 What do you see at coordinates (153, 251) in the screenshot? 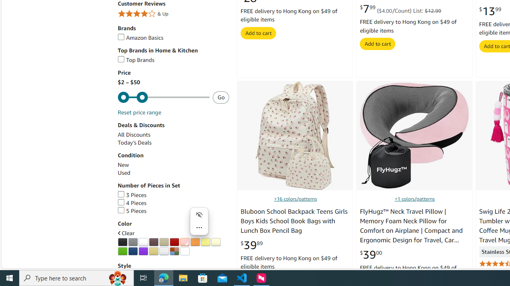
I see `'AutomationID: p_n_feature_twenty_browse-bin/3254111011'` at bounding box center [153, 251].